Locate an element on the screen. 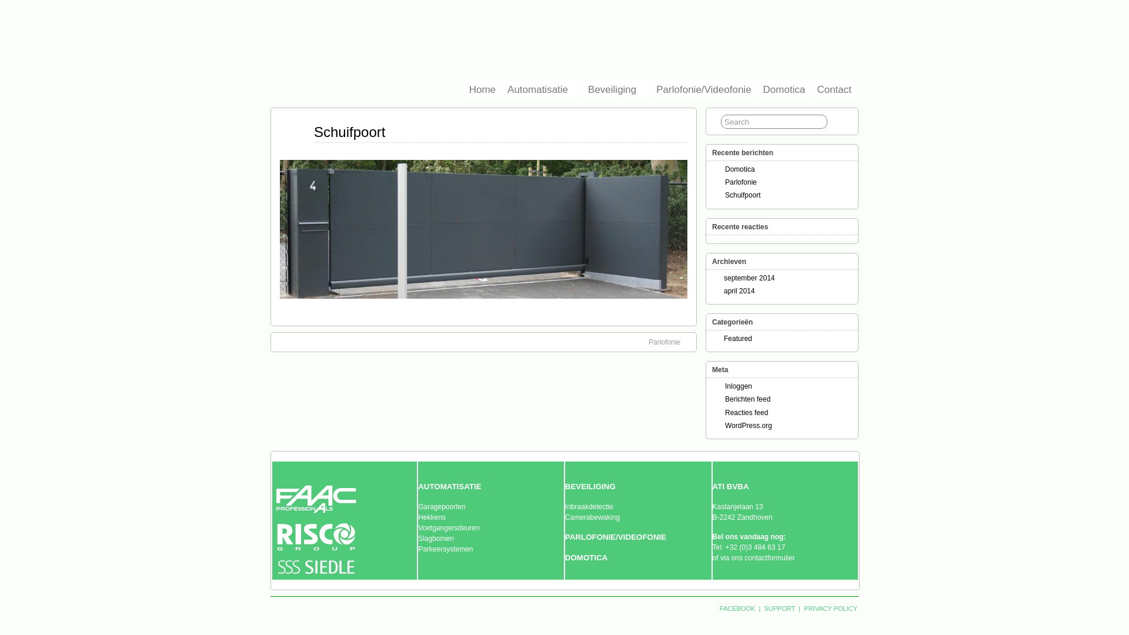 The height and width of the screenshot is (635, 1129). 'september 2014' is located at coordinates (749, 278).